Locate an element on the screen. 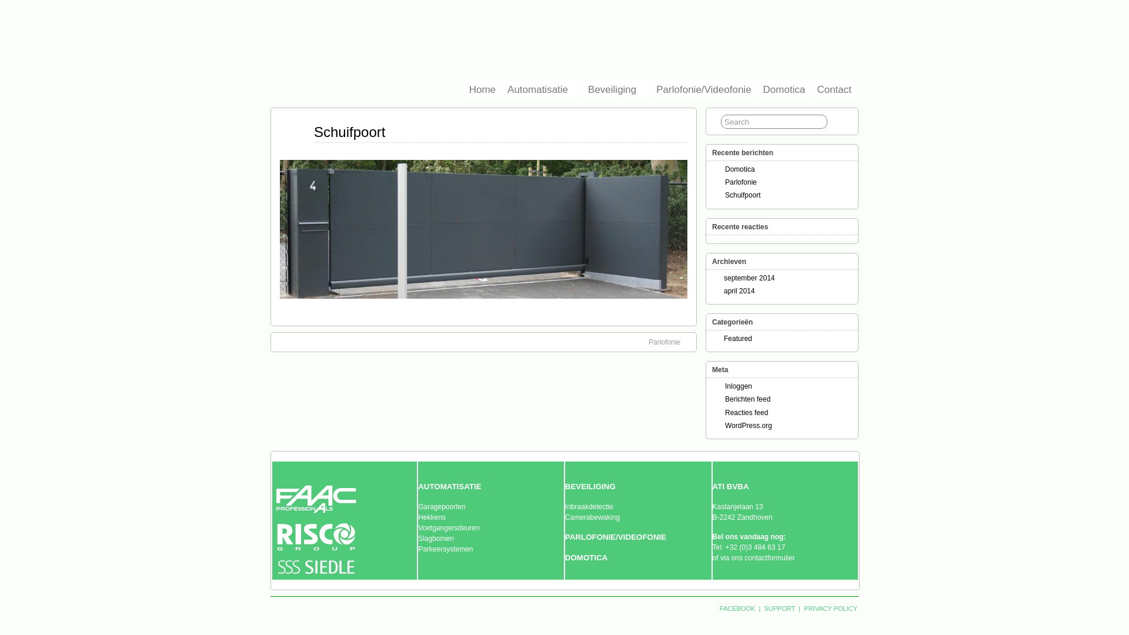 The height and width of the screenshot is (635, 1129). 'september 2014' is located at coordinates (749, 278).